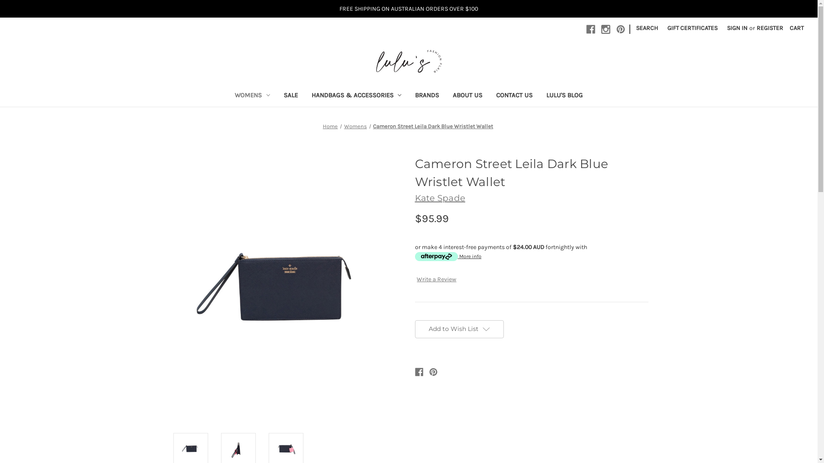  I want to click on 'SEARCH', so click(647, 27).